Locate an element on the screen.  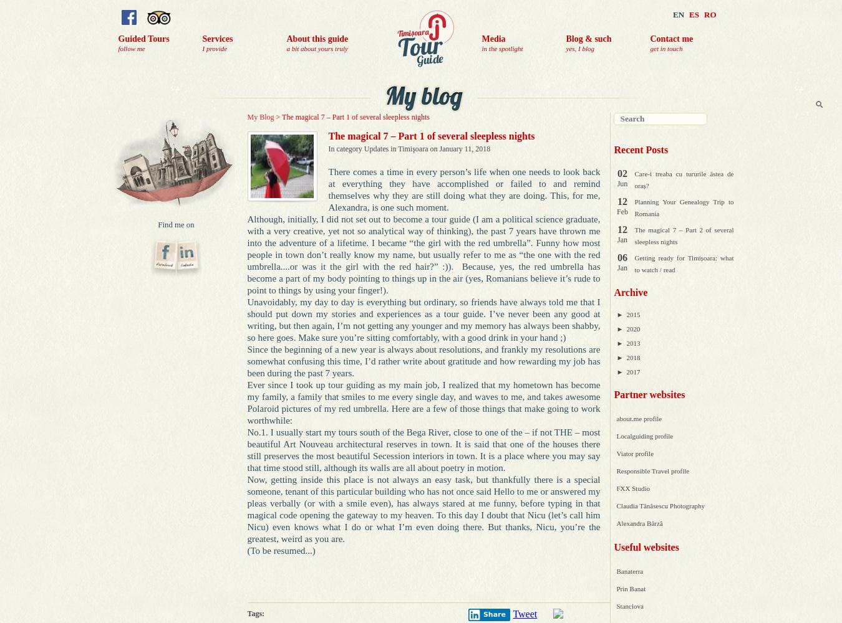
'on January 11, 2018' is located at coordinates (458, 148).